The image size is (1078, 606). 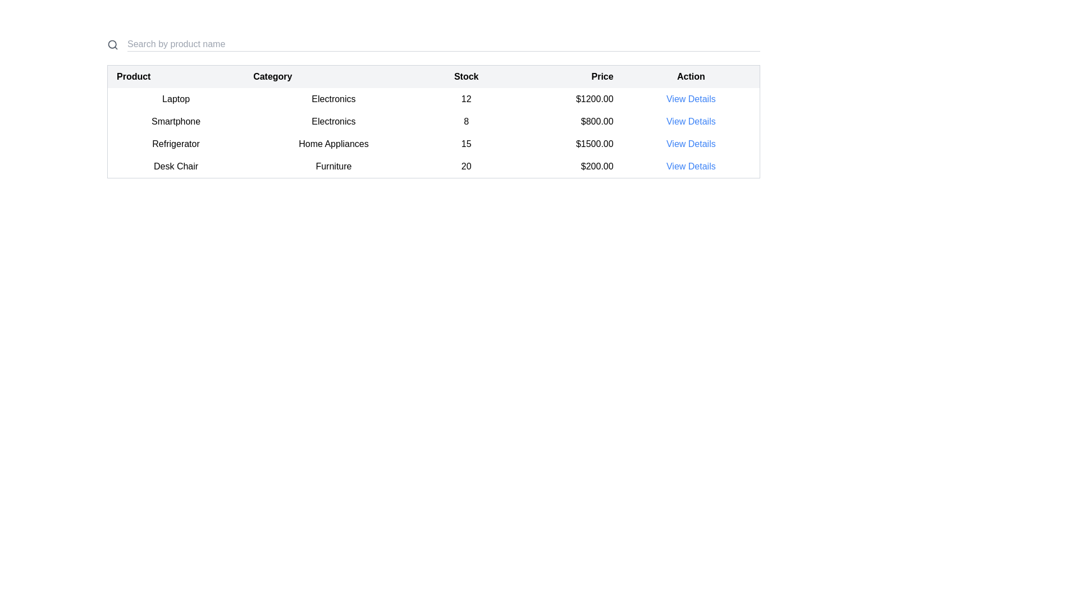 What do you see at coordinates (691, 144) in the screenshot?
I see `the hyperlink in the 'Action' column of the table that links to detailed information about the 'Refrigerator' product to change the text color indicating interactivity` at bounding box center [691, 144].